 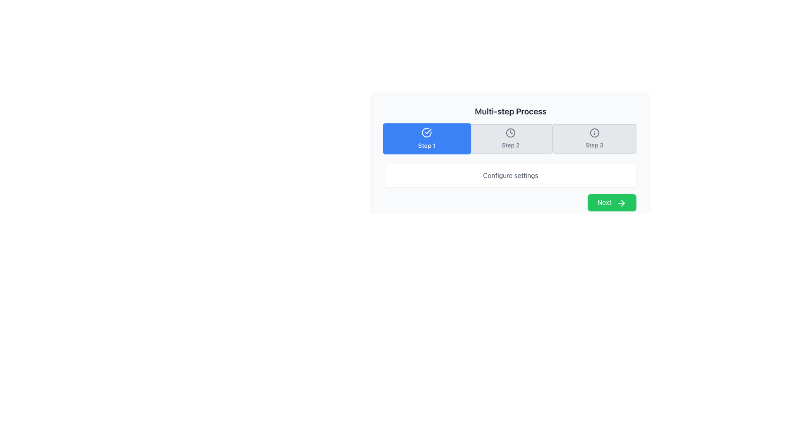 I want to click on the circular icon with a checkmark inside it, located centrally within the blue button labeled 'Step 1', so click(x=427, y=132).